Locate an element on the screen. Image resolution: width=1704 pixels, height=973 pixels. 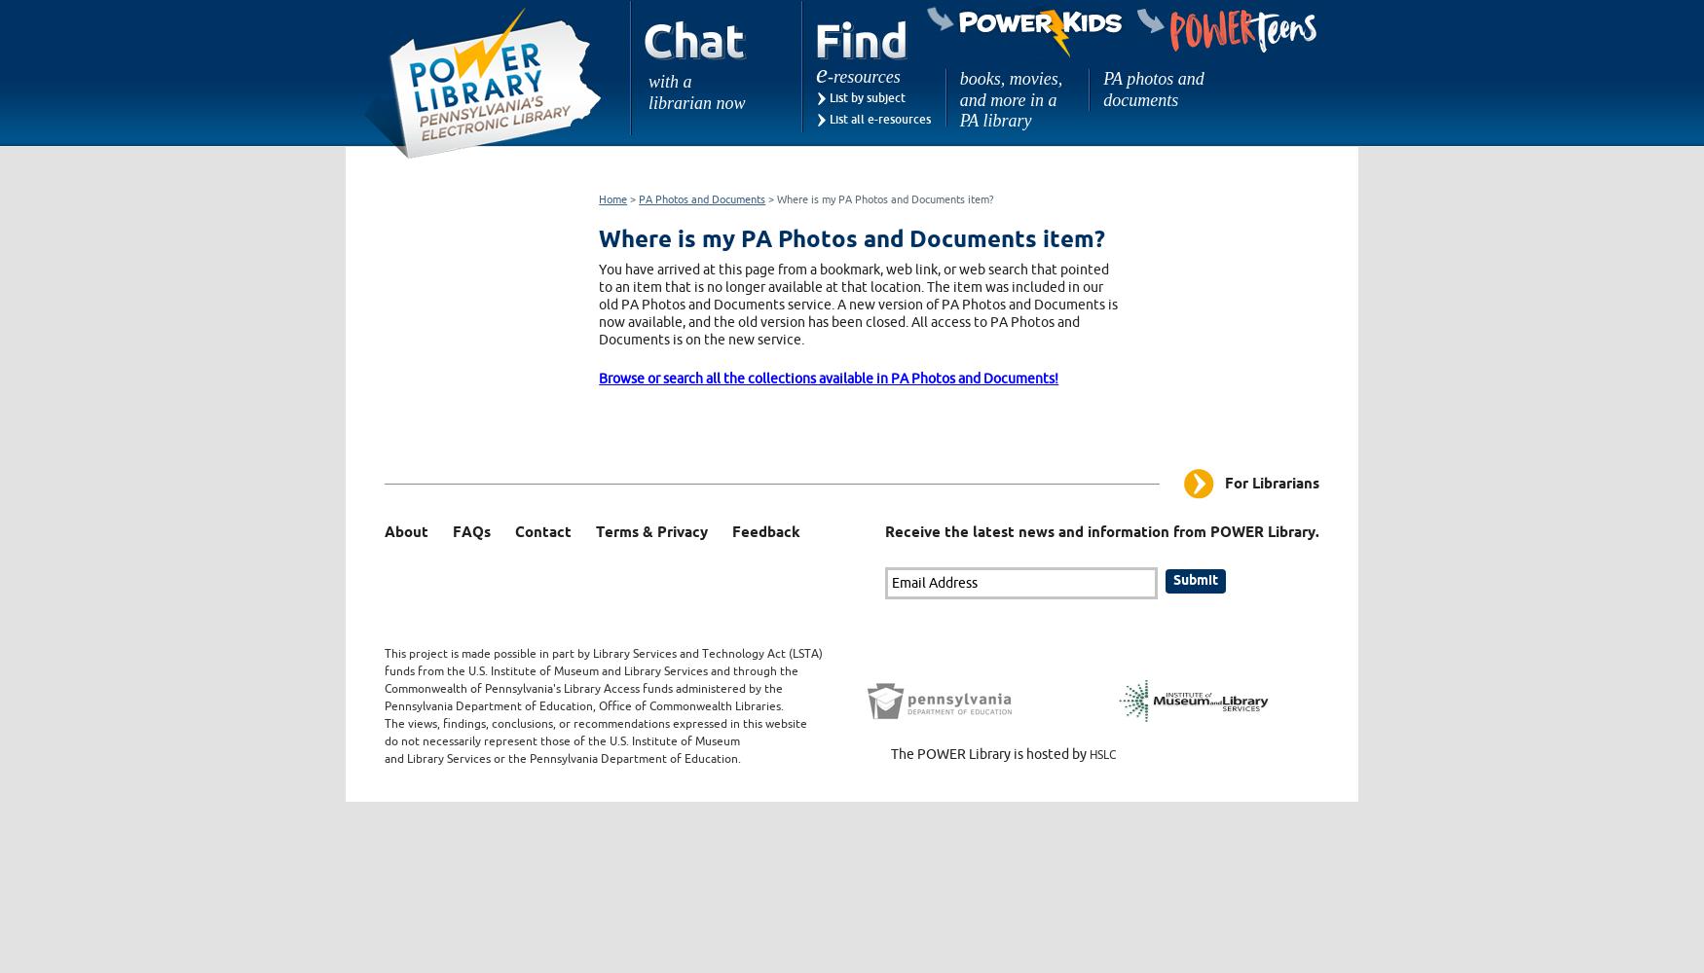
'The views, findings, conclusions, or recommendations expressed in this website' is located at coordinates (595, 722).